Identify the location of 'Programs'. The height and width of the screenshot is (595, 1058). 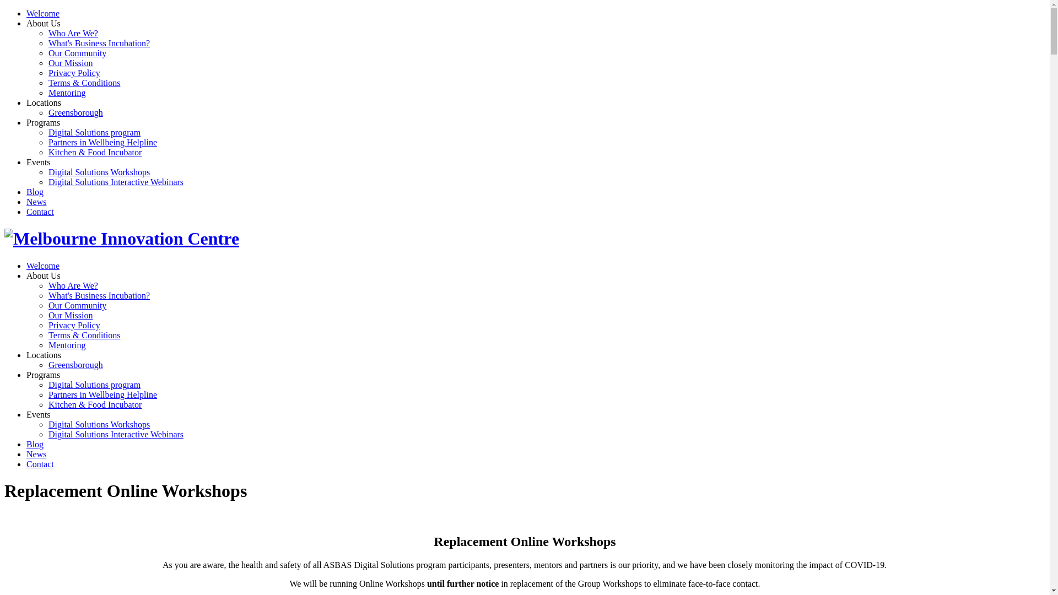
(43, 122).